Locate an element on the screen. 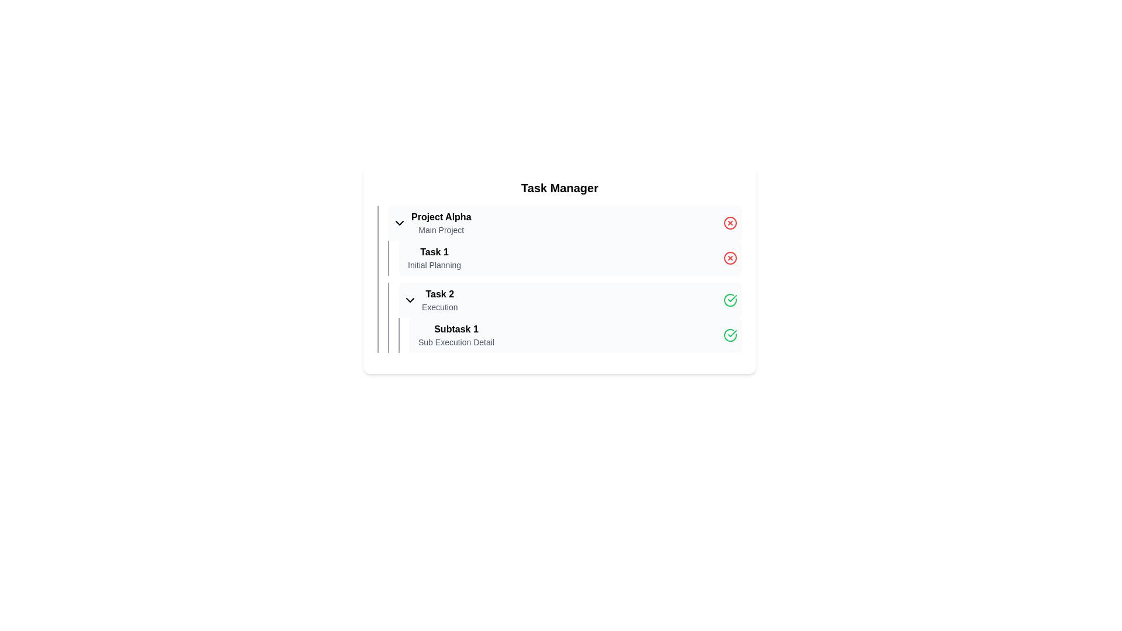 The image size is (1122, 631). the collapsible list item representing 'Task 2' with the description 'Execution' is located at coordinates (430, 299).